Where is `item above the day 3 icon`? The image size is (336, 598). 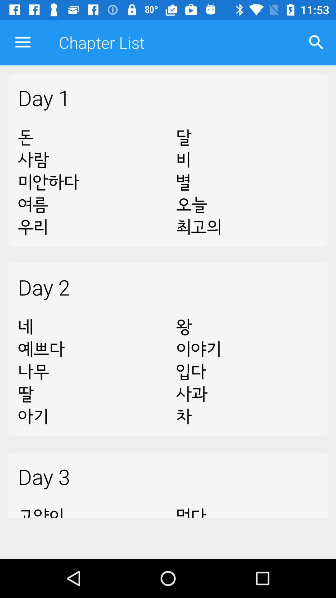 item above the day 3 icon is located at coordinates (247, 372).